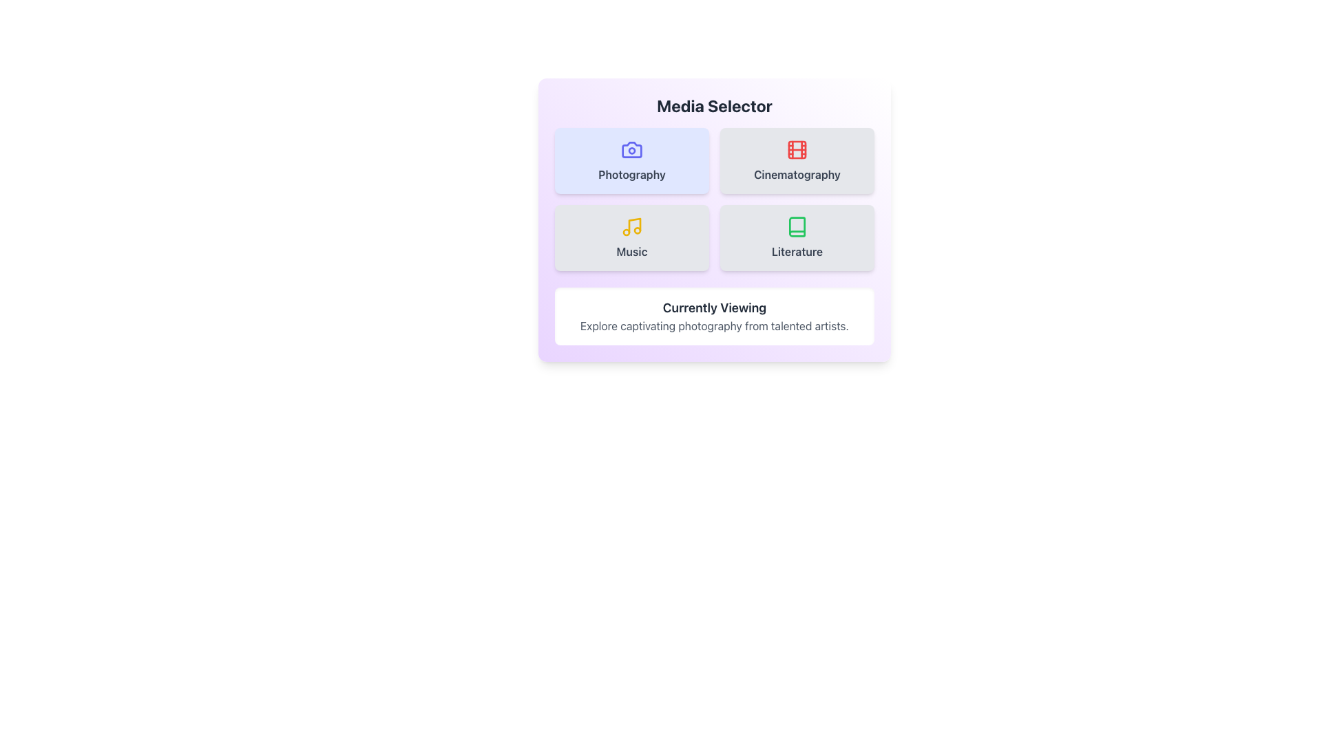 The height and width of the screenshot is (743, 1322). I want to click on the 'Music' button located in the lower-left corner of the 2x2 grid layout, so click(631, 237).